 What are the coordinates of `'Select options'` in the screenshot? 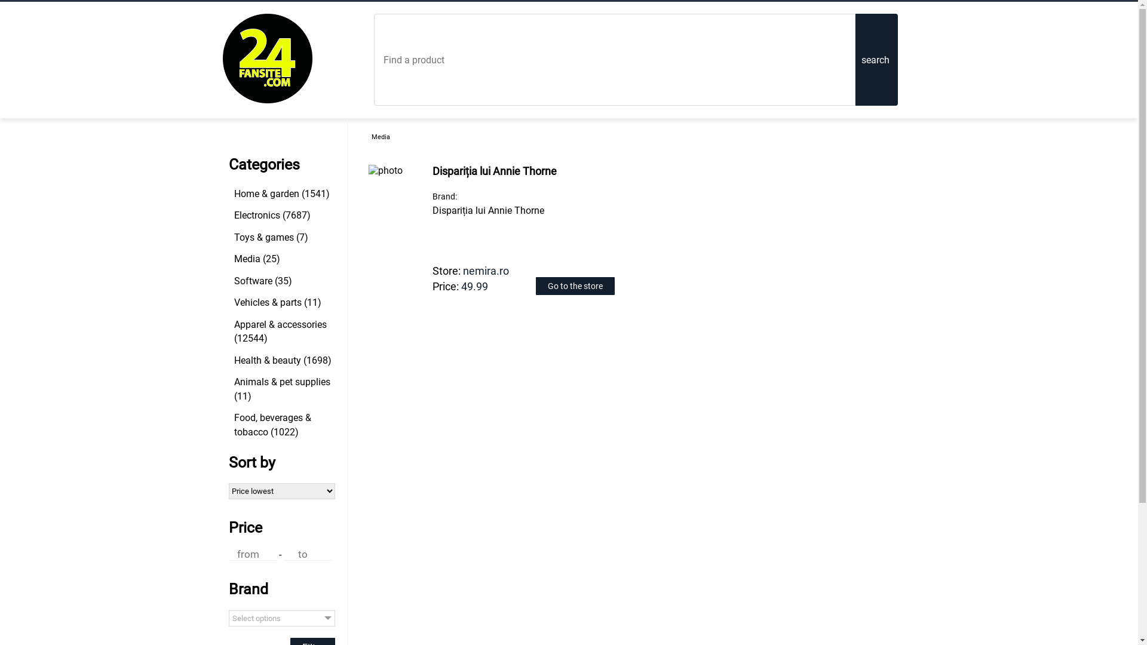 It's located at (280, 618).